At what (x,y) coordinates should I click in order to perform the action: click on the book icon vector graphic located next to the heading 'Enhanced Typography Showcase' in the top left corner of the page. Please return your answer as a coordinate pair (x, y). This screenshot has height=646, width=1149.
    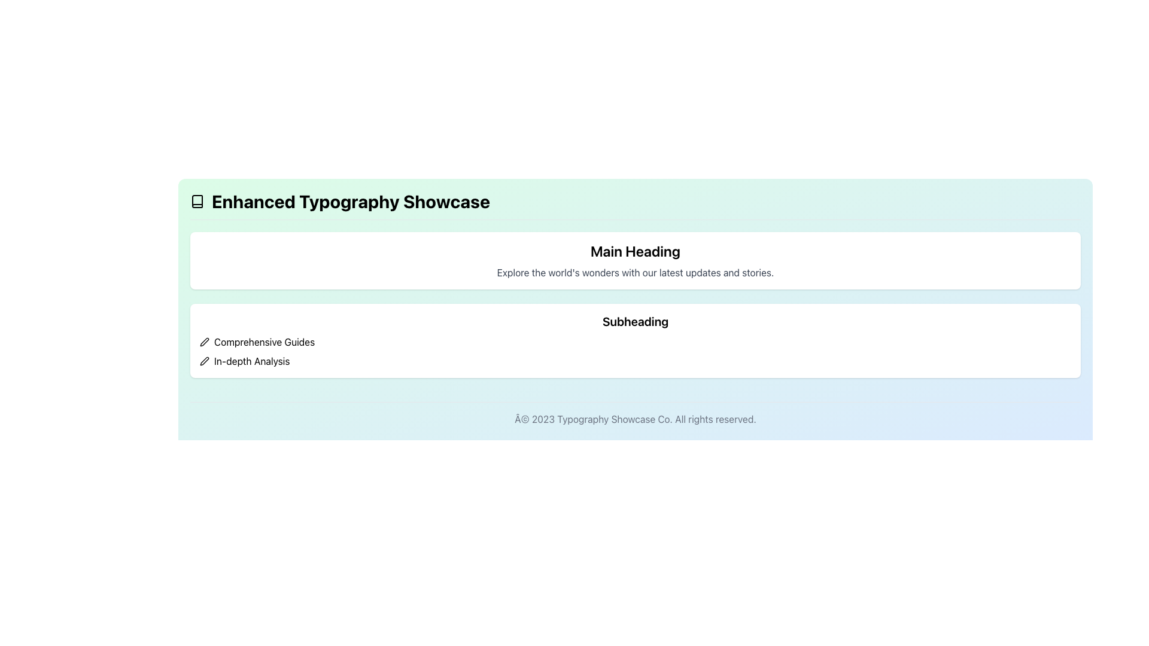
    Looking at the image, I should click on (197, 200).